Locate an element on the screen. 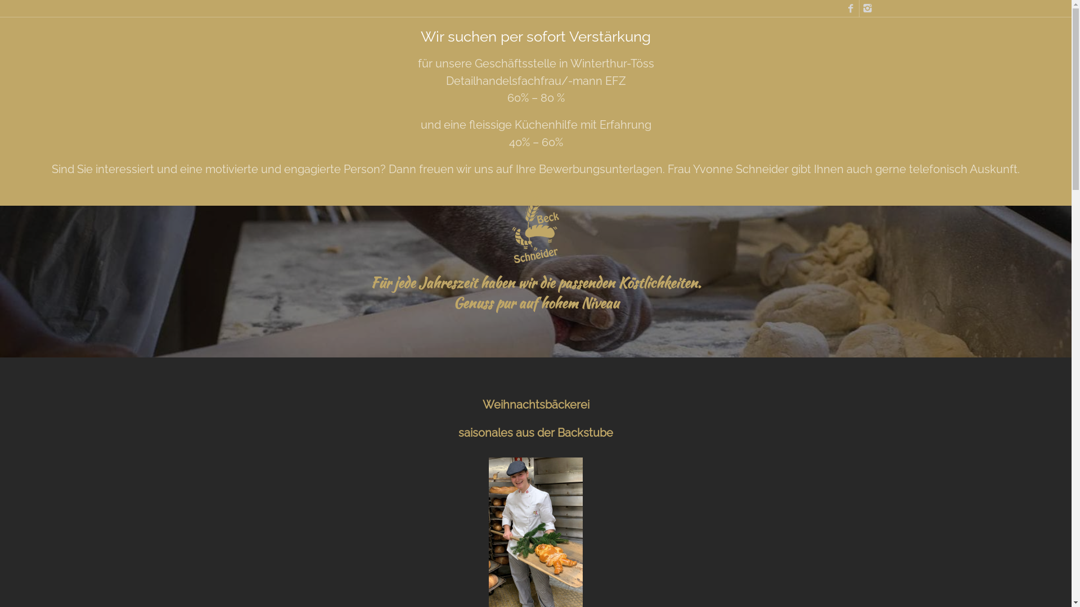  'Facebook' is located at coordinates (850, 8).